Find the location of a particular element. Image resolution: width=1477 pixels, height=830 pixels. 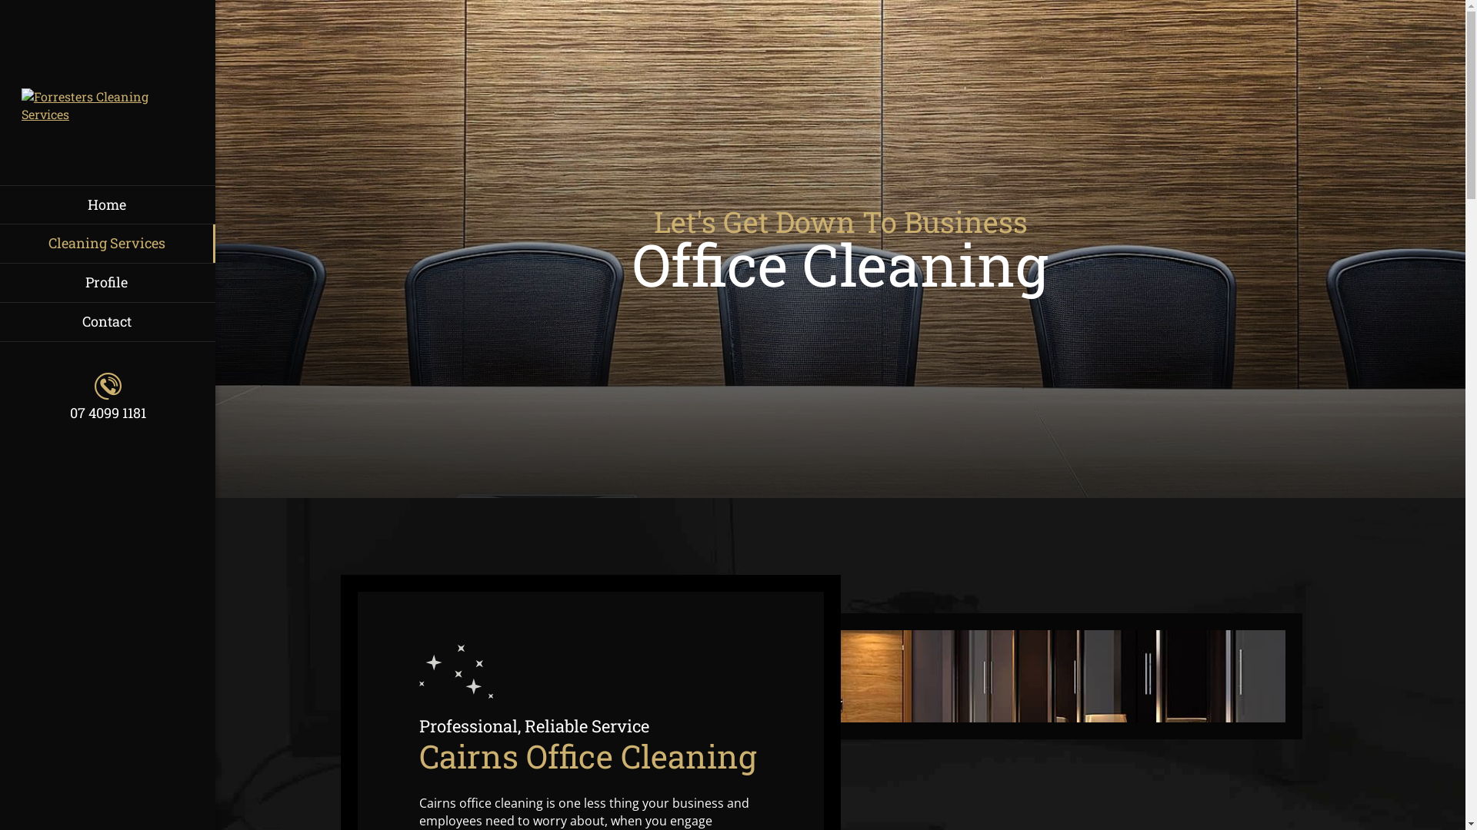

'Cleaning Services' is located at coordinates (106, 242).